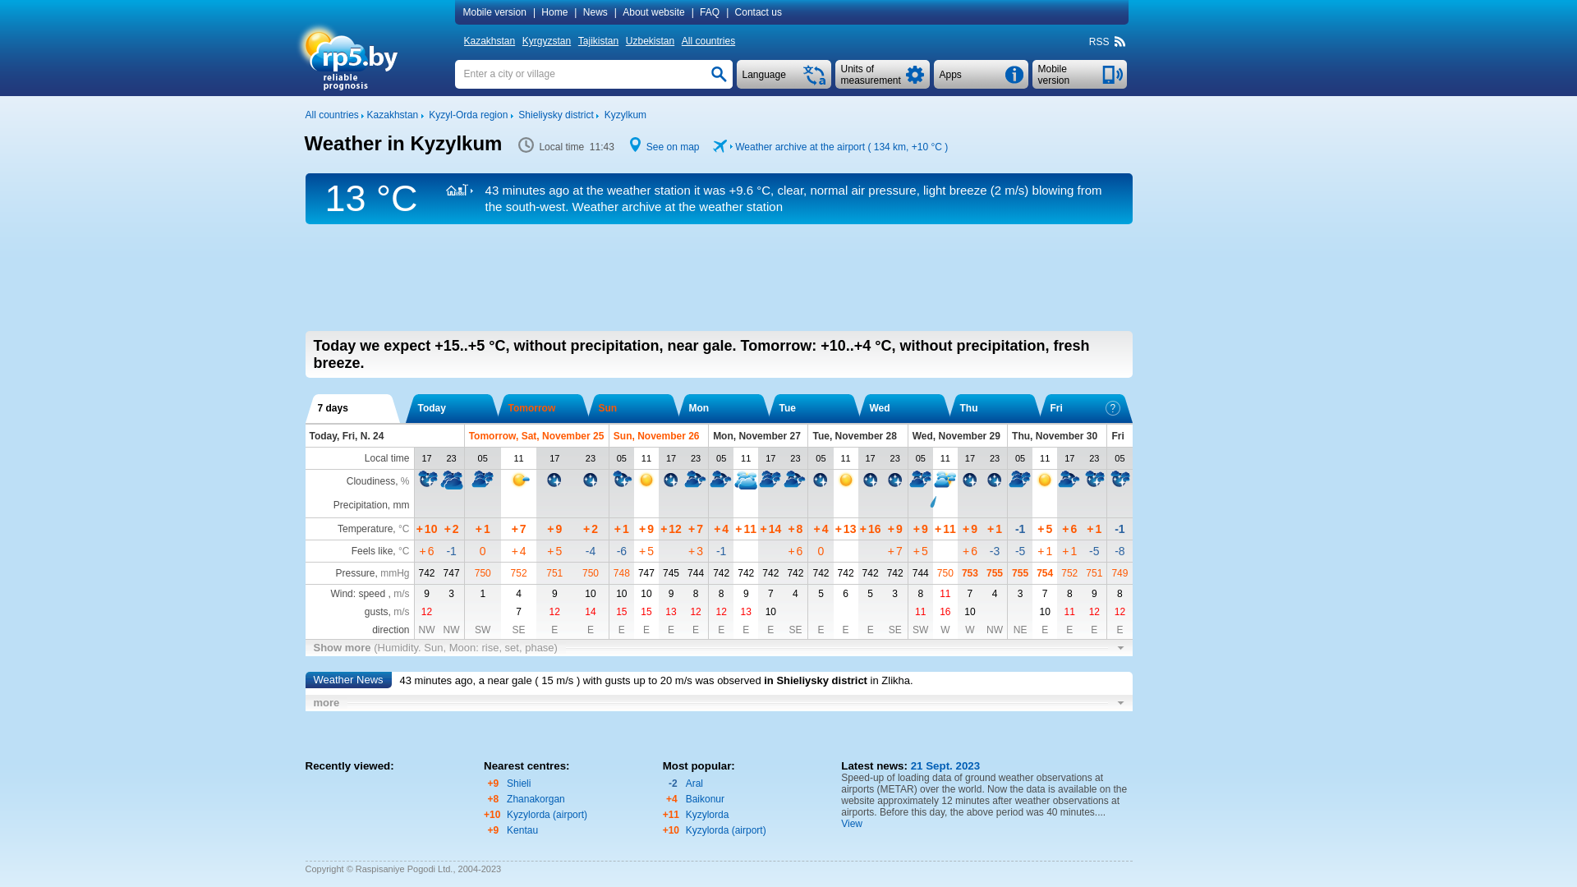  What do you see at coordinates (369, 593) in the screenshot?
I see `'Wind: speed , m/s'` at bounding box center [369, 593].